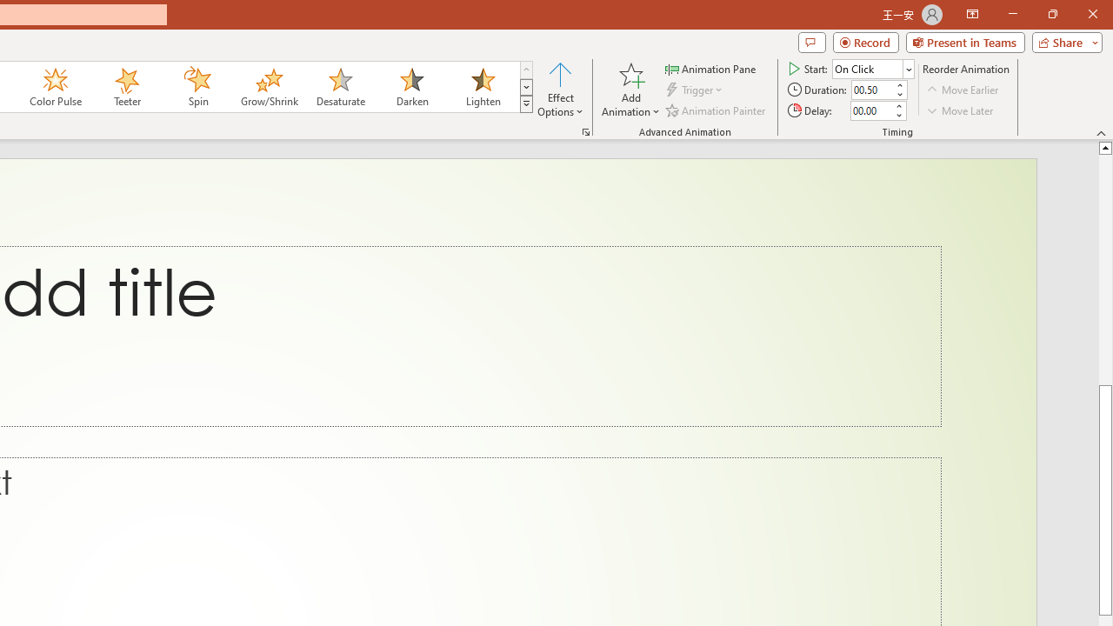  What do you see at coordinates (197, 87) in the screenshot?
I see `'Spin'` at bounding box center [197, 87].